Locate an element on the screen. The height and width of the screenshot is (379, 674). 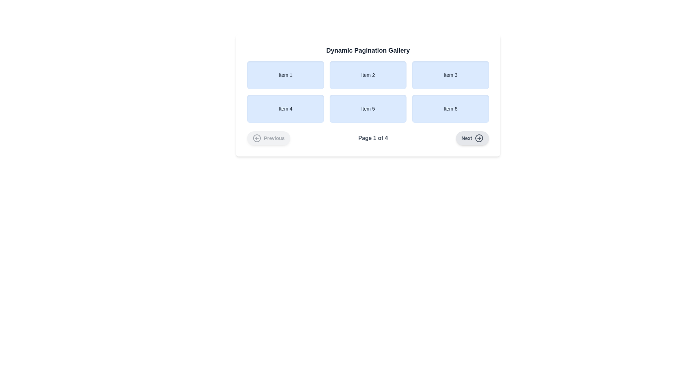
the decorative SVG icon on the right side of the 'Next' button to proceed to the next page or step in the sequence is located at coordinates (478, 138).